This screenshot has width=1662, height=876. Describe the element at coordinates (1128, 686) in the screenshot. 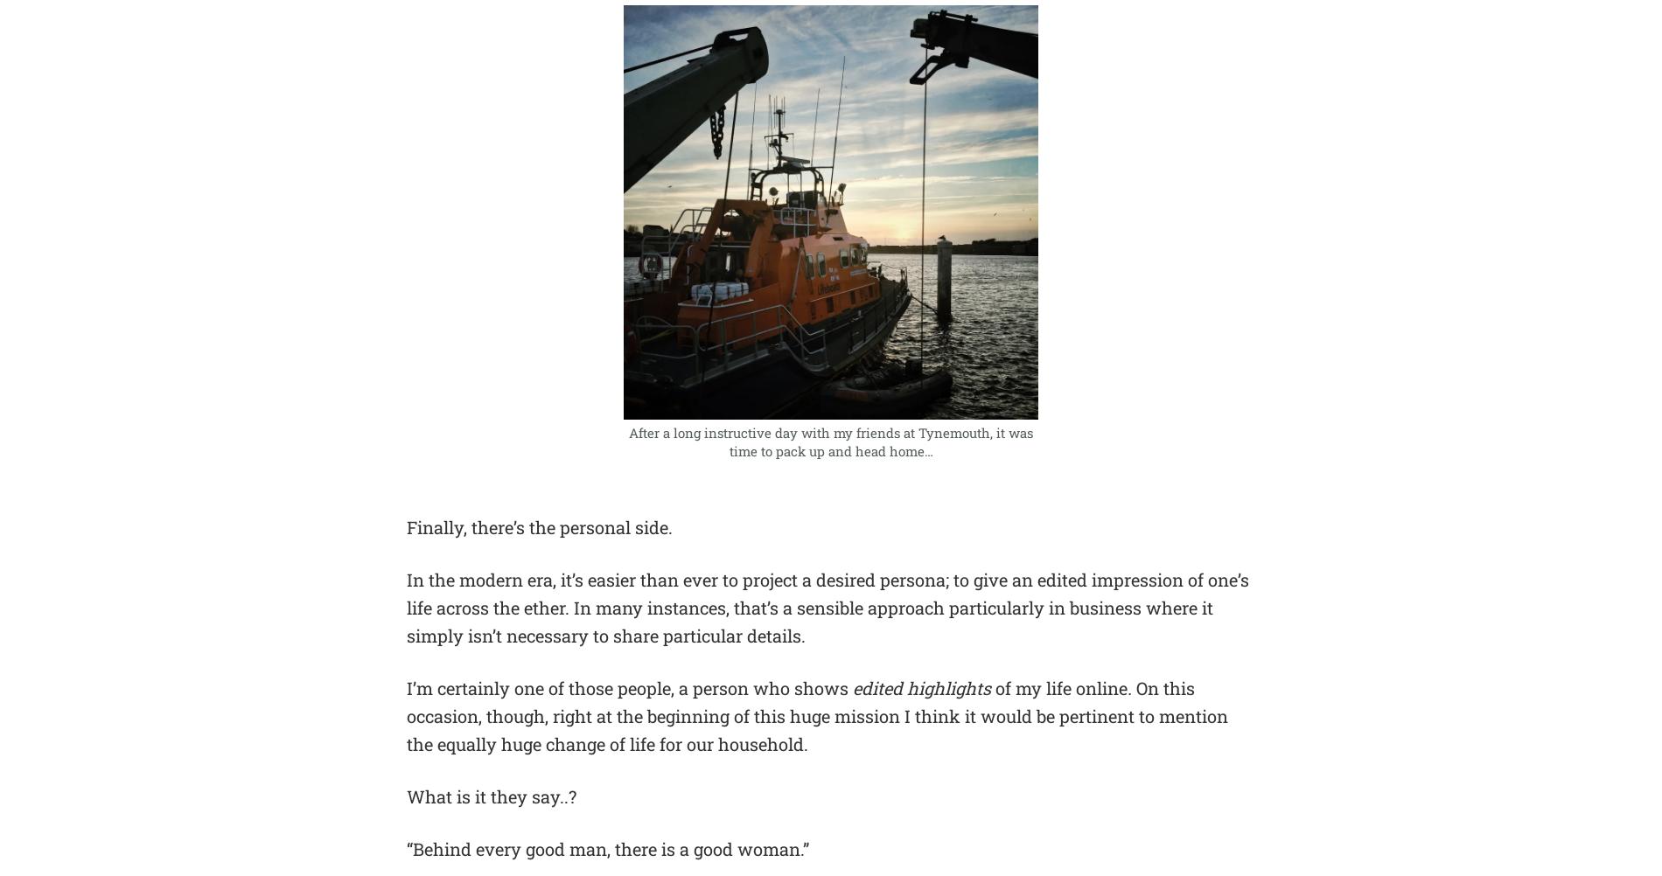

I see `'.'` at that location.